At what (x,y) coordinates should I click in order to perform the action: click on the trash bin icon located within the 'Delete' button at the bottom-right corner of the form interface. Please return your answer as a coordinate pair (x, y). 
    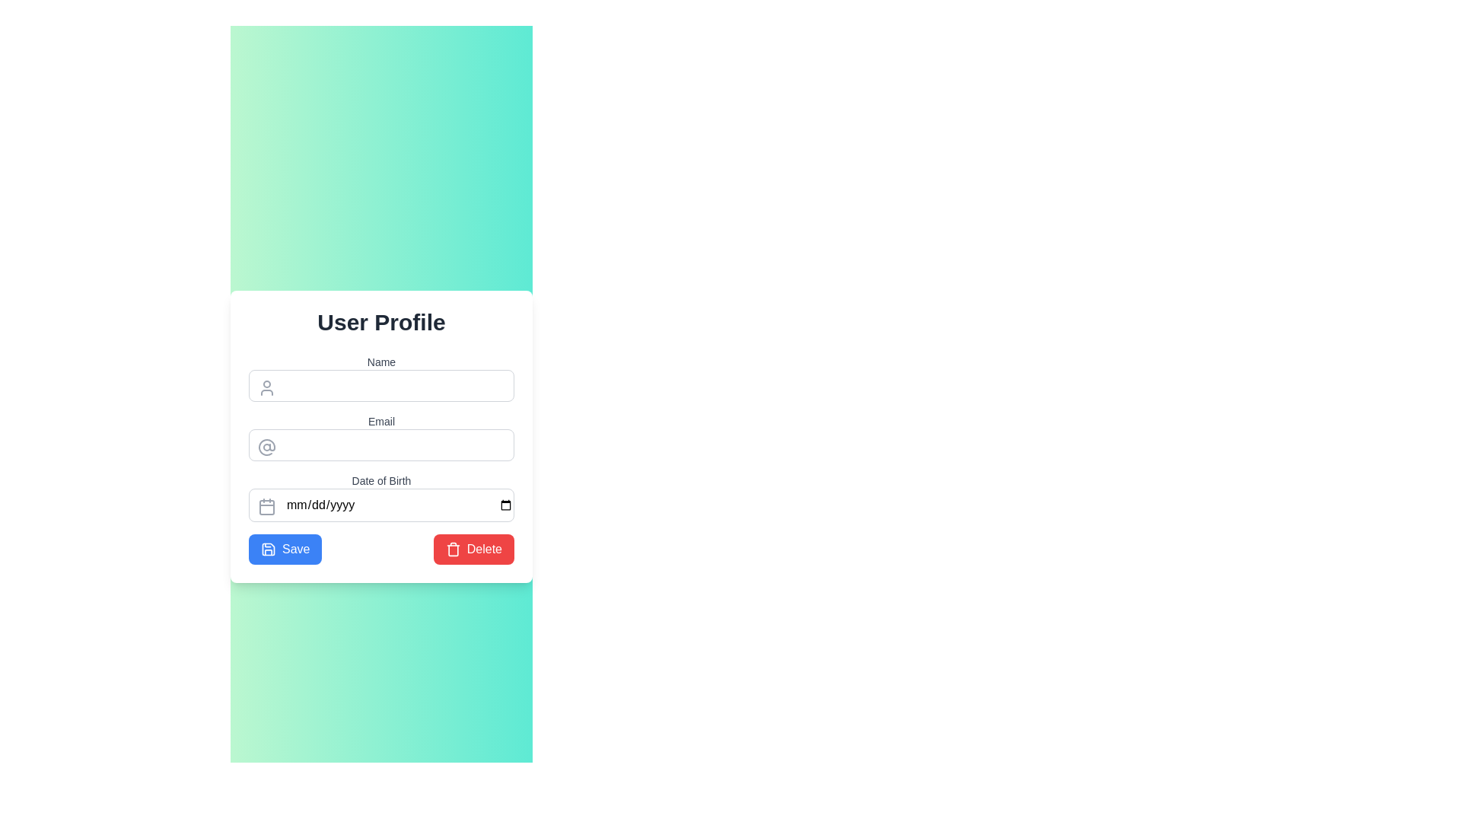
    Looking at the image, I should click on (452, 549).